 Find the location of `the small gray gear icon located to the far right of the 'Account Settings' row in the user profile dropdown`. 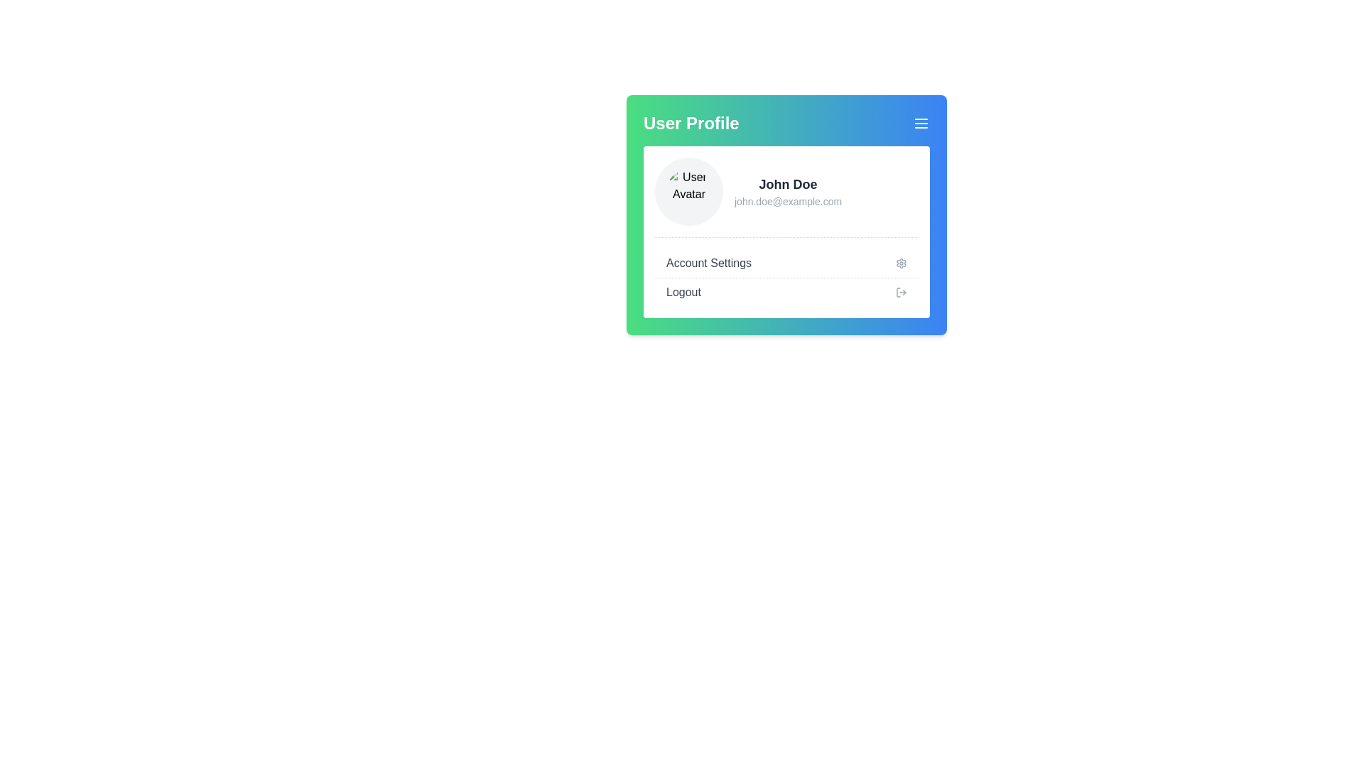

the small gray gear icon located to the far right of the 'Account Settings' row in the user profile dropdown is located at coordinates (900, 263).